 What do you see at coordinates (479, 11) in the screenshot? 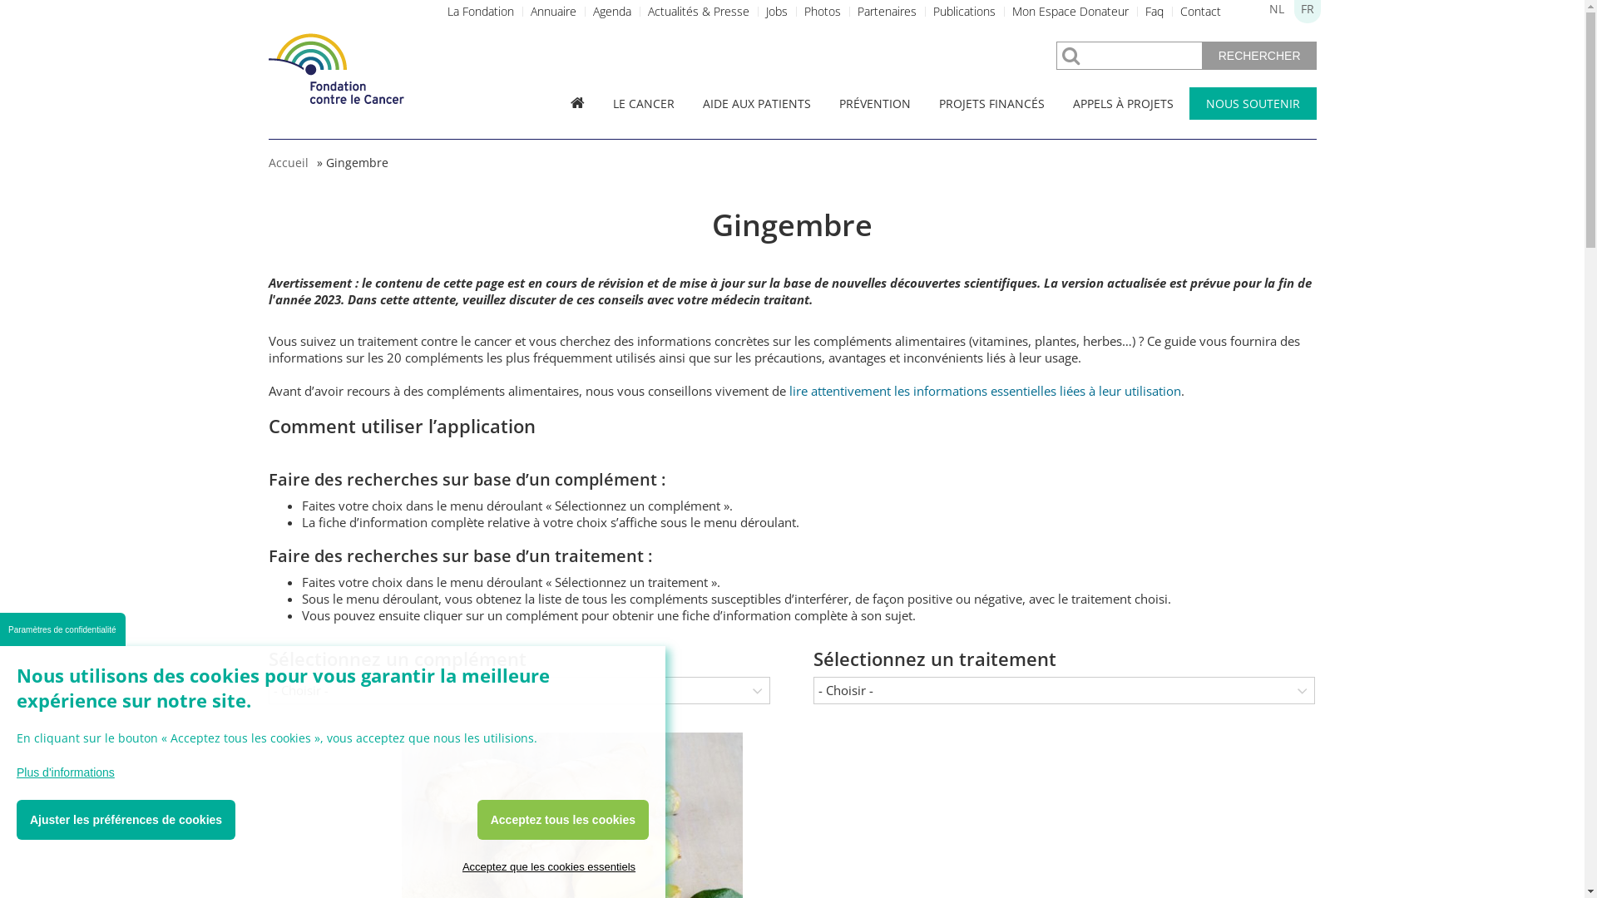
I see `'La Fondation'` at bounding box center [479, 11].